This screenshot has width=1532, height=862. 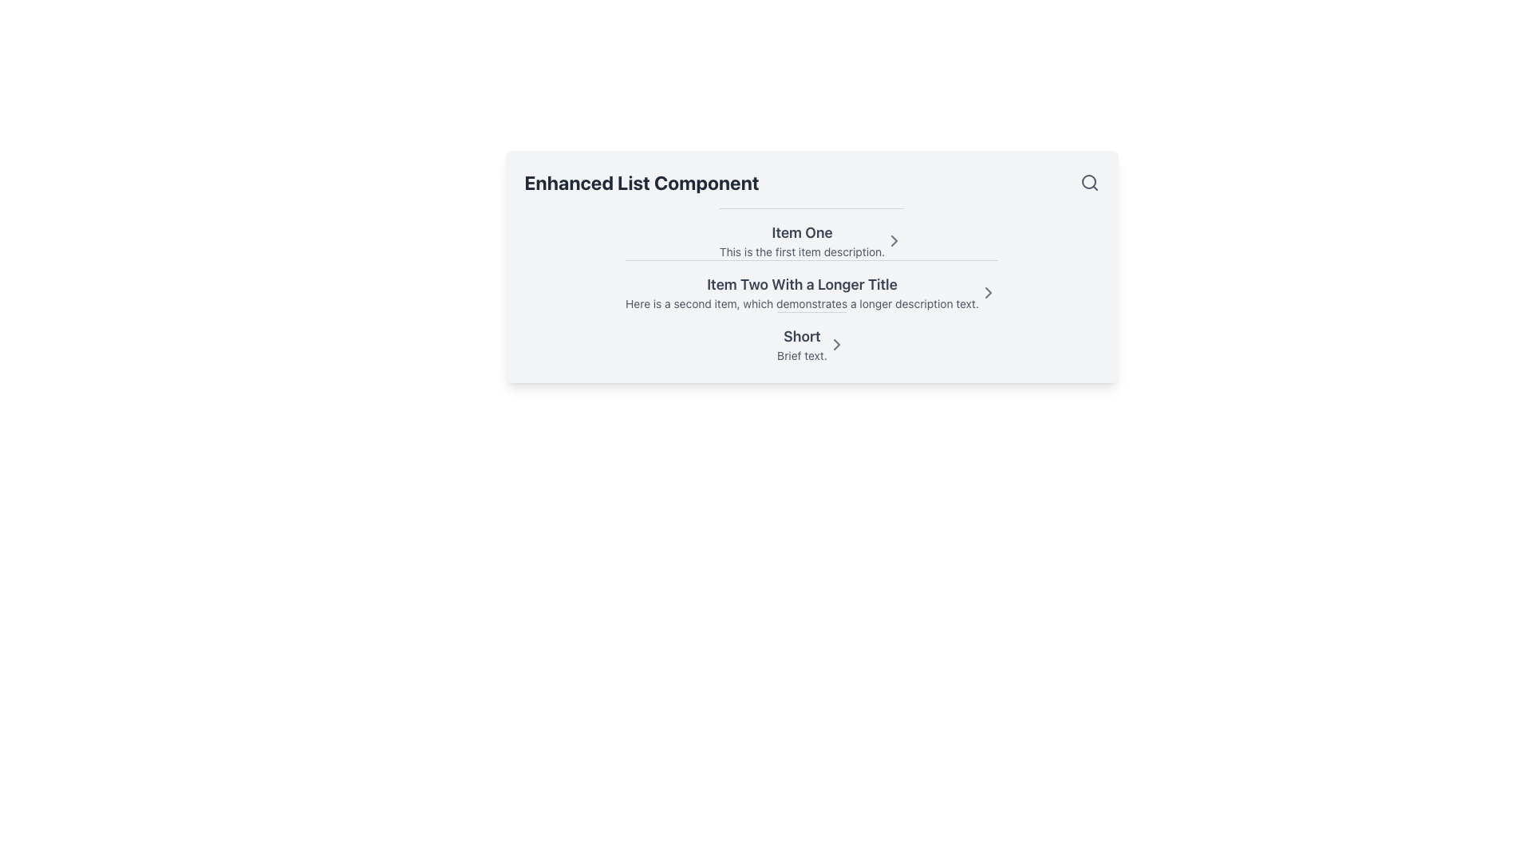 I want to click on the right-facing chevron SVG icon located to the right of the 'Item One' text in the list component, so click(x=894, y=240).